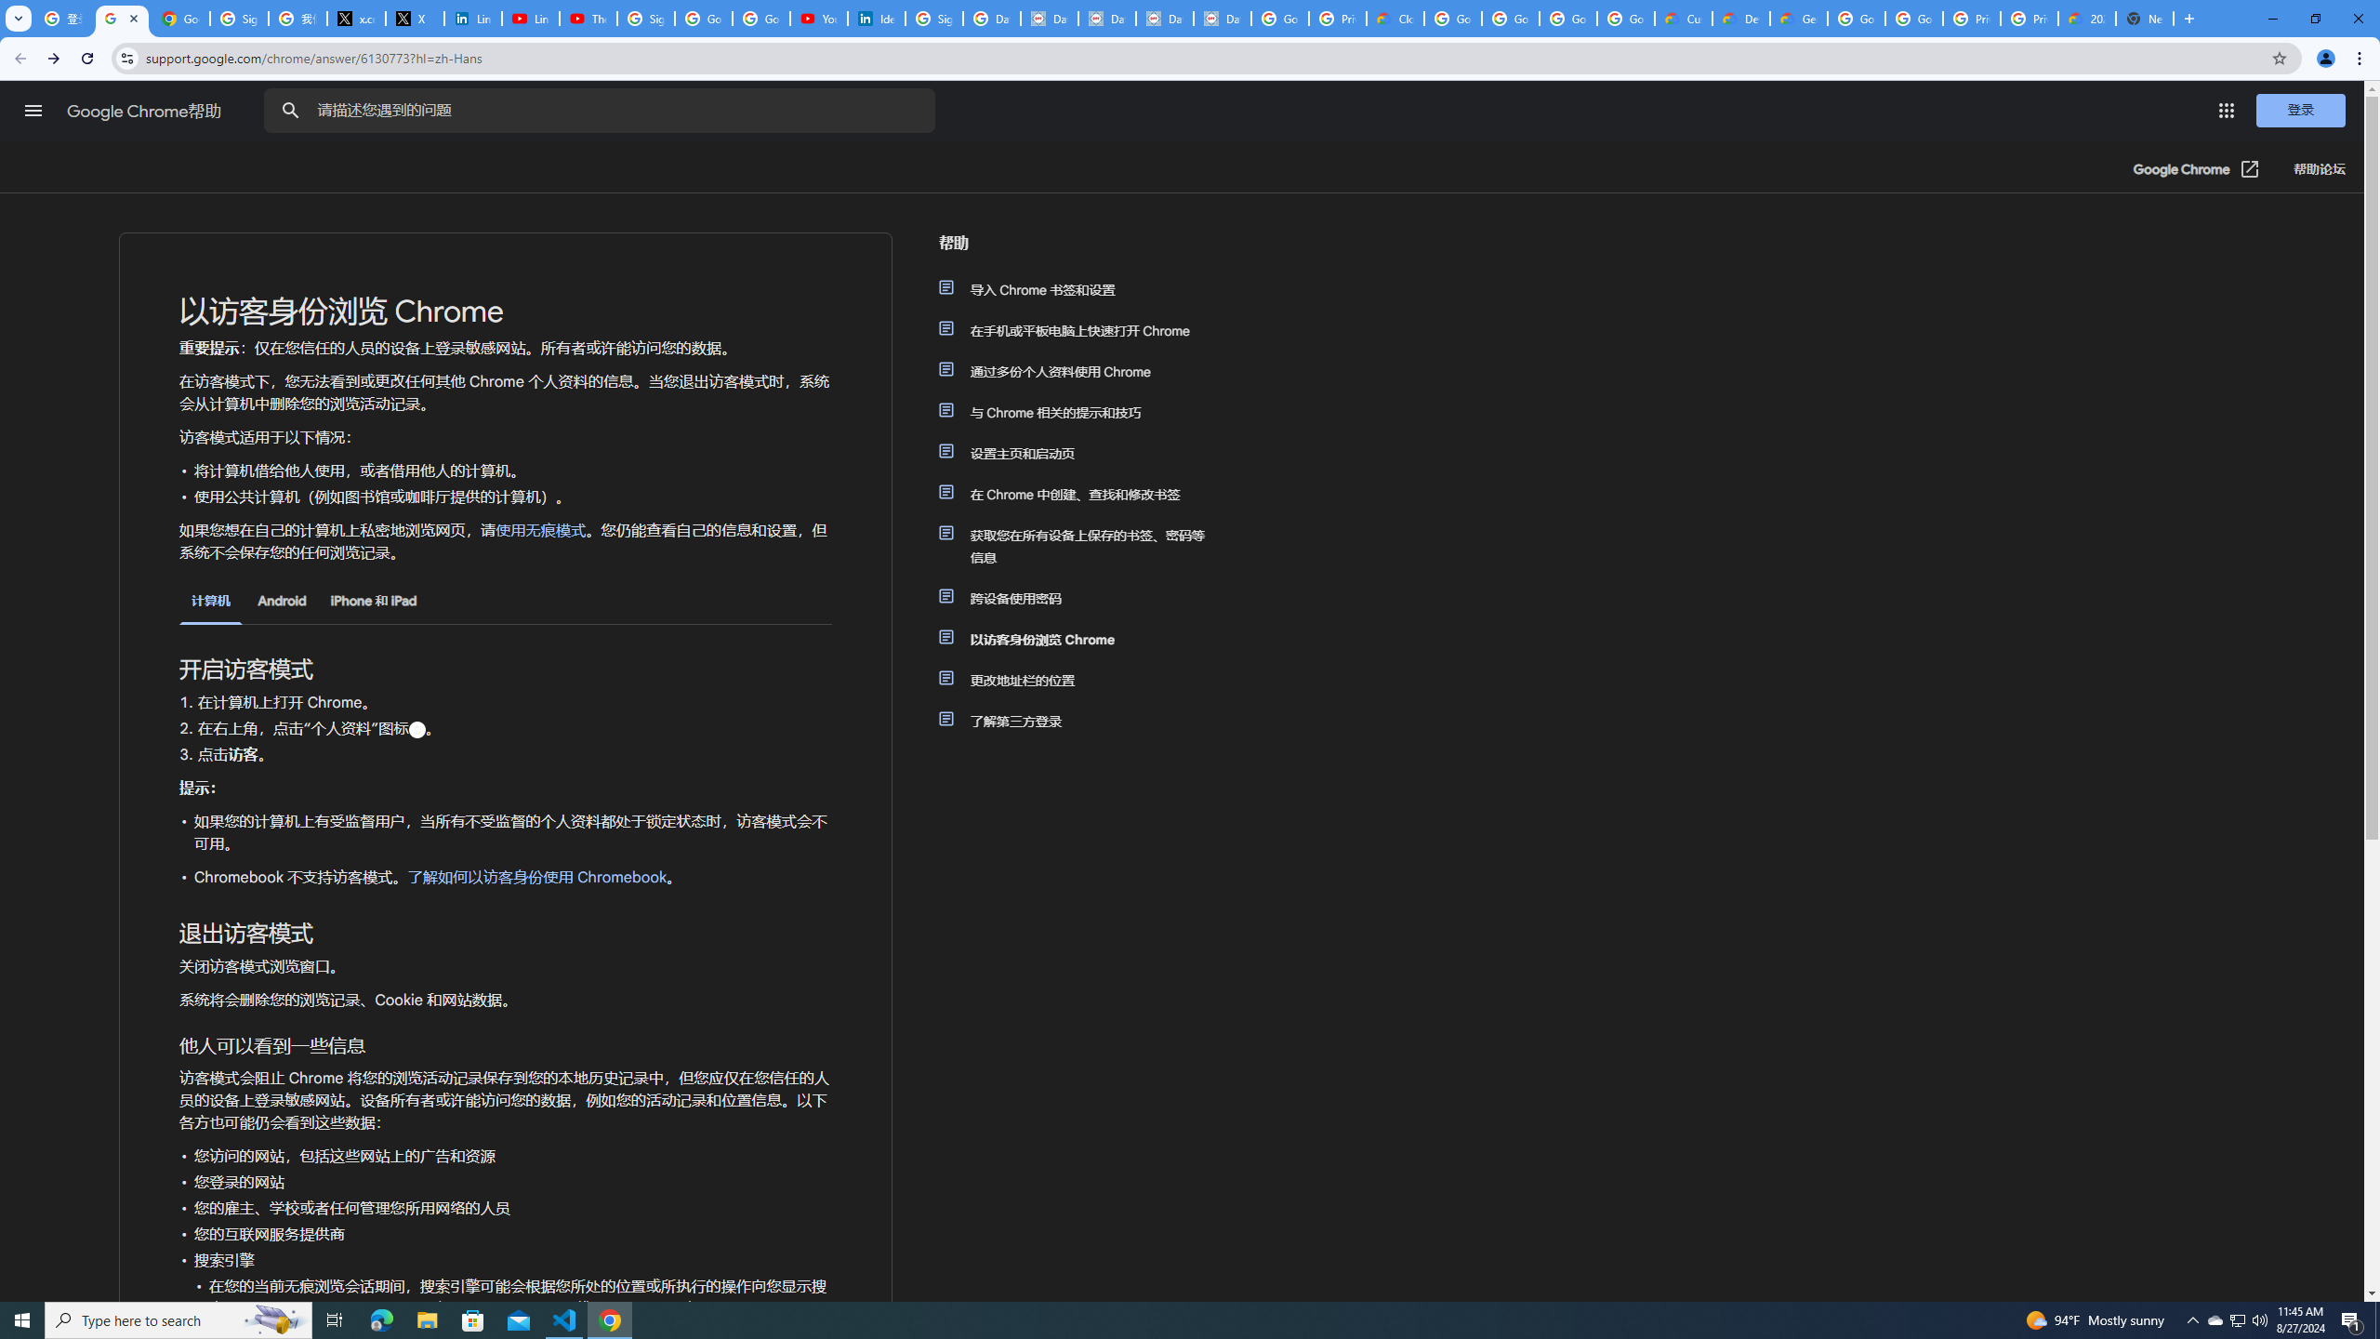 The image size is (2380, 1339). Describe the element at coordinates (1568, 18) in the screenshot. I see `'Google Workspace - Specific Terms'` at that location.